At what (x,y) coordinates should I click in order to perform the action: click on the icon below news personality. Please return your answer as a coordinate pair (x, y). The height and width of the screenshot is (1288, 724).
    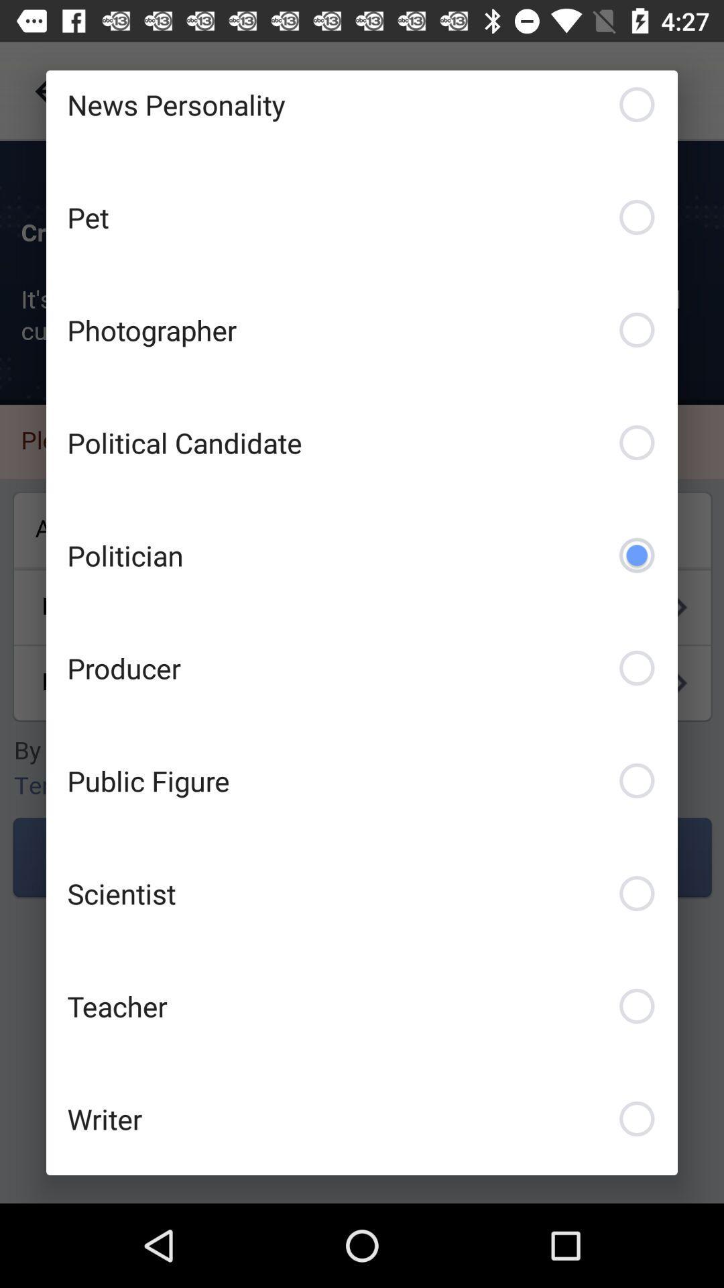
    Looking at the image, I should click on (362, 217).